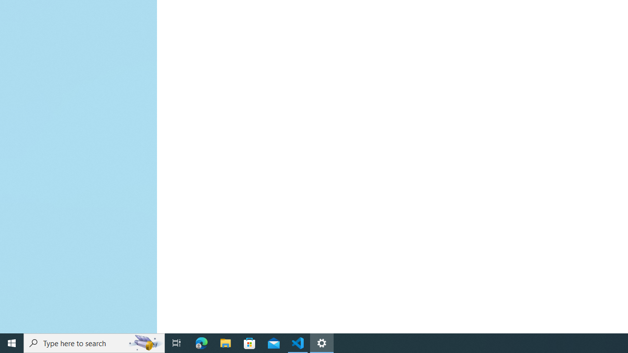 The width and height of the screenshot is (628, 353). Describe the element at coordinates (144, 342) in the screenshot. I see `'Search highlights icon opens search home window'` at that location.